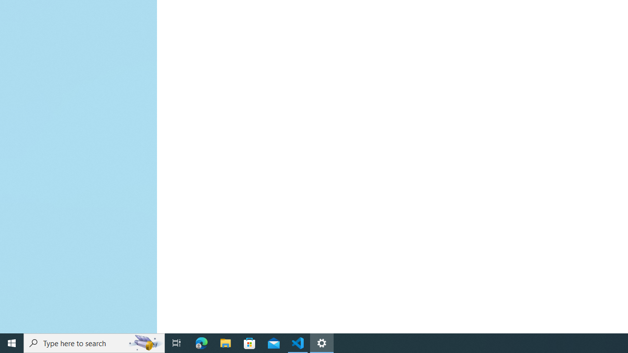 The width and height of the screenshot is (628, 353). Describe the element at coordinates (144, 342) in the screenshot. I see `'Search highlights icon opens search home window'` at that location.